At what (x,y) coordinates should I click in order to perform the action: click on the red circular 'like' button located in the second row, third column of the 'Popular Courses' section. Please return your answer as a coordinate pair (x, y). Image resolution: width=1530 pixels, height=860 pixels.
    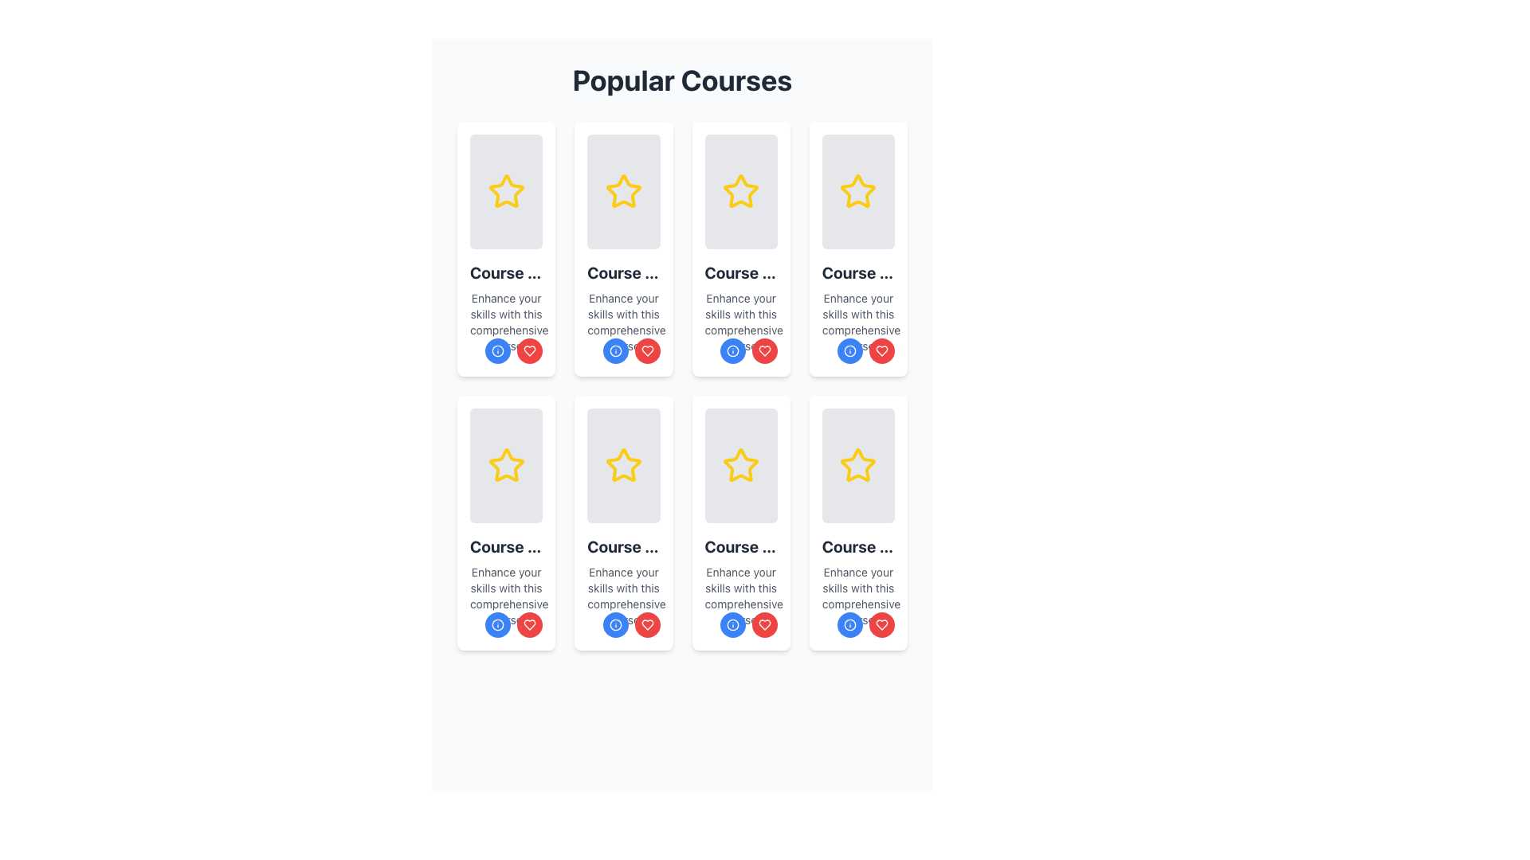
    Looking at the image, I should click on (530, 350).